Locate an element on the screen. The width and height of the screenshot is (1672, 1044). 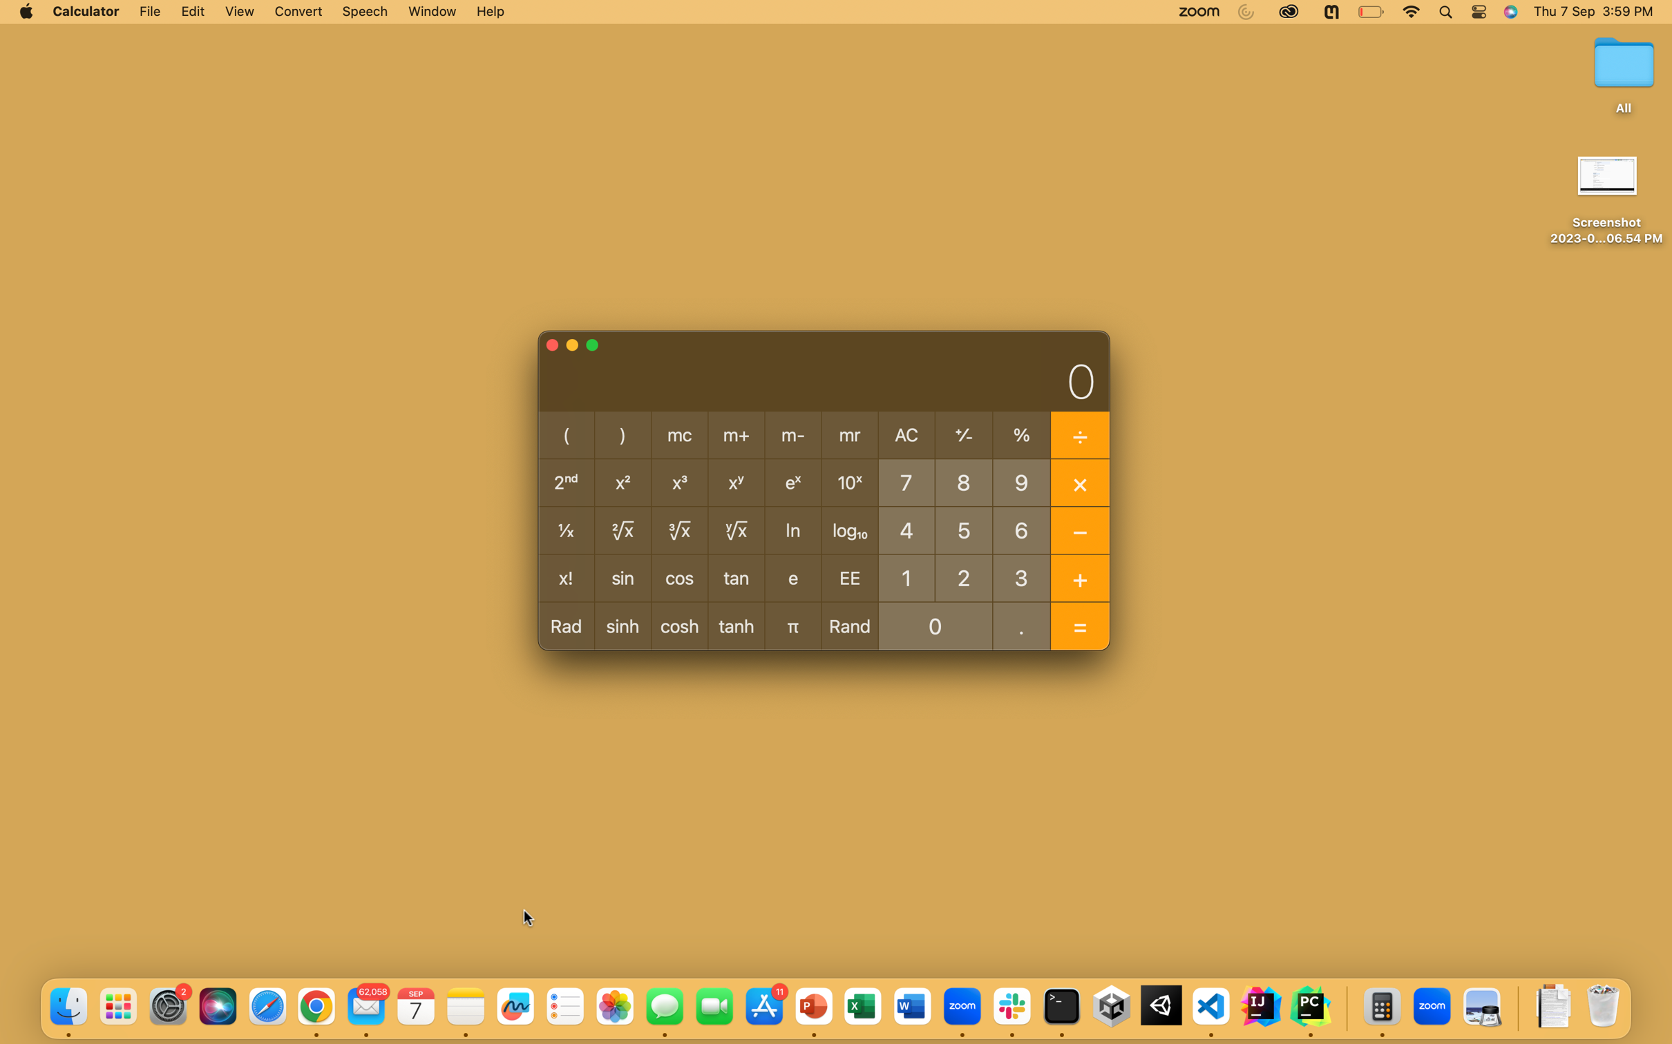
what you get by multiplying 3 and 4 is located at coordinates (1022, 577).